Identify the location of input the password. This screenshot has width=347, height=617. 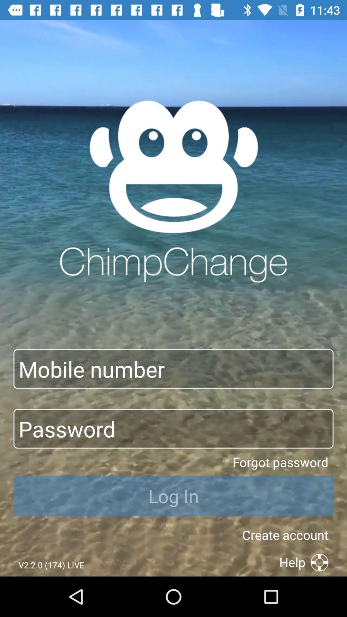
(173, 429).